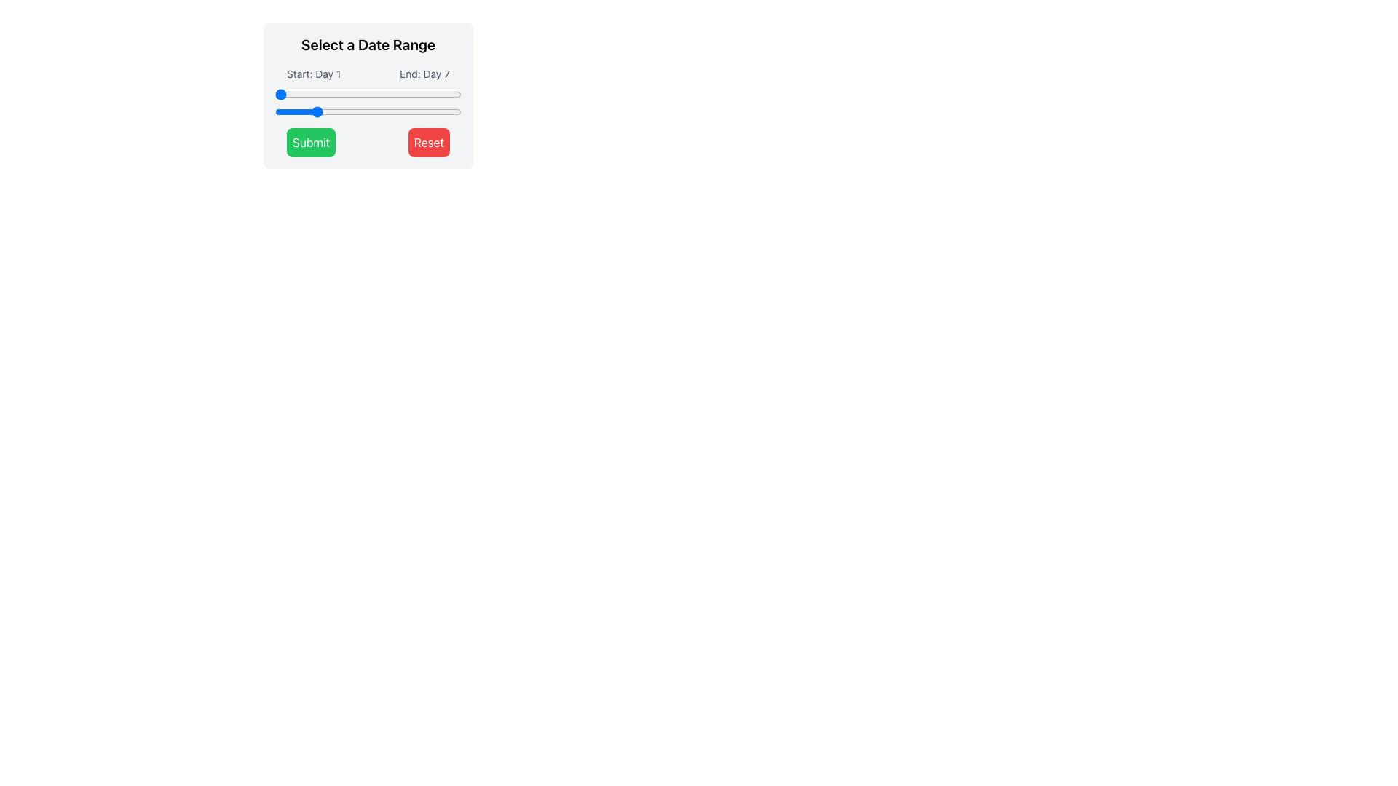  I want to click on the slider, so click(307, 95).